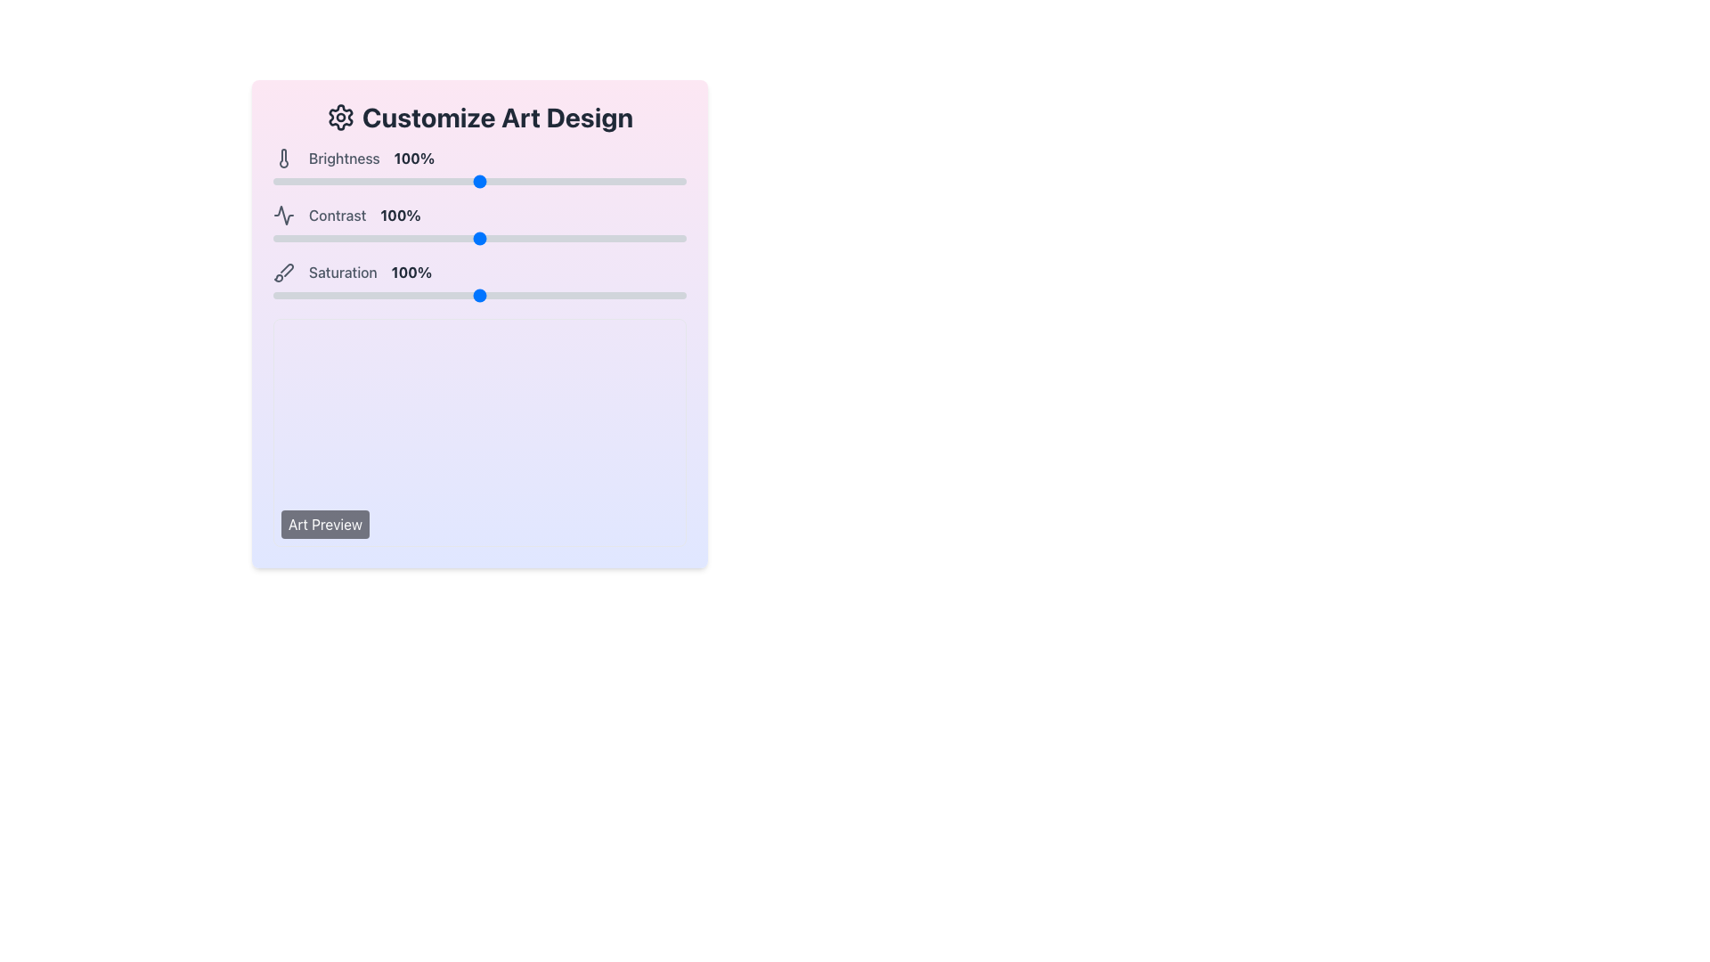 This screenshot has height=962, width=1710. Describe the element at coordinates (411, 272) in the screenshot. I see `the bold-text percentage indicator displaying '100%' that is positioned to the right of the 'Saturation' label in the lower section of the settings panel` at that location.